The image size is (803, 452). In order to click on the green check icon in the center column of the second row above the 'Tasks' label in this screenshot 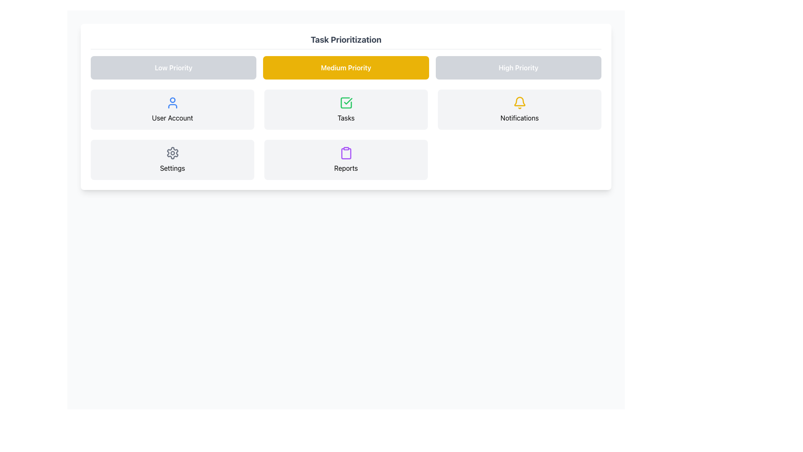, I will do `click(346, 103)`.